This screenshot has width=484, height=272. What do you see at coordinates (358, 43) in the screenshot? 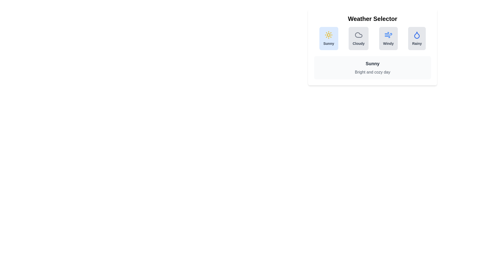
I see `the text label that displays the word 'Cloudy' in a bold, medium-sized font, located beneath the cloud icon within the second weather card` at bounding box center [358, 43].